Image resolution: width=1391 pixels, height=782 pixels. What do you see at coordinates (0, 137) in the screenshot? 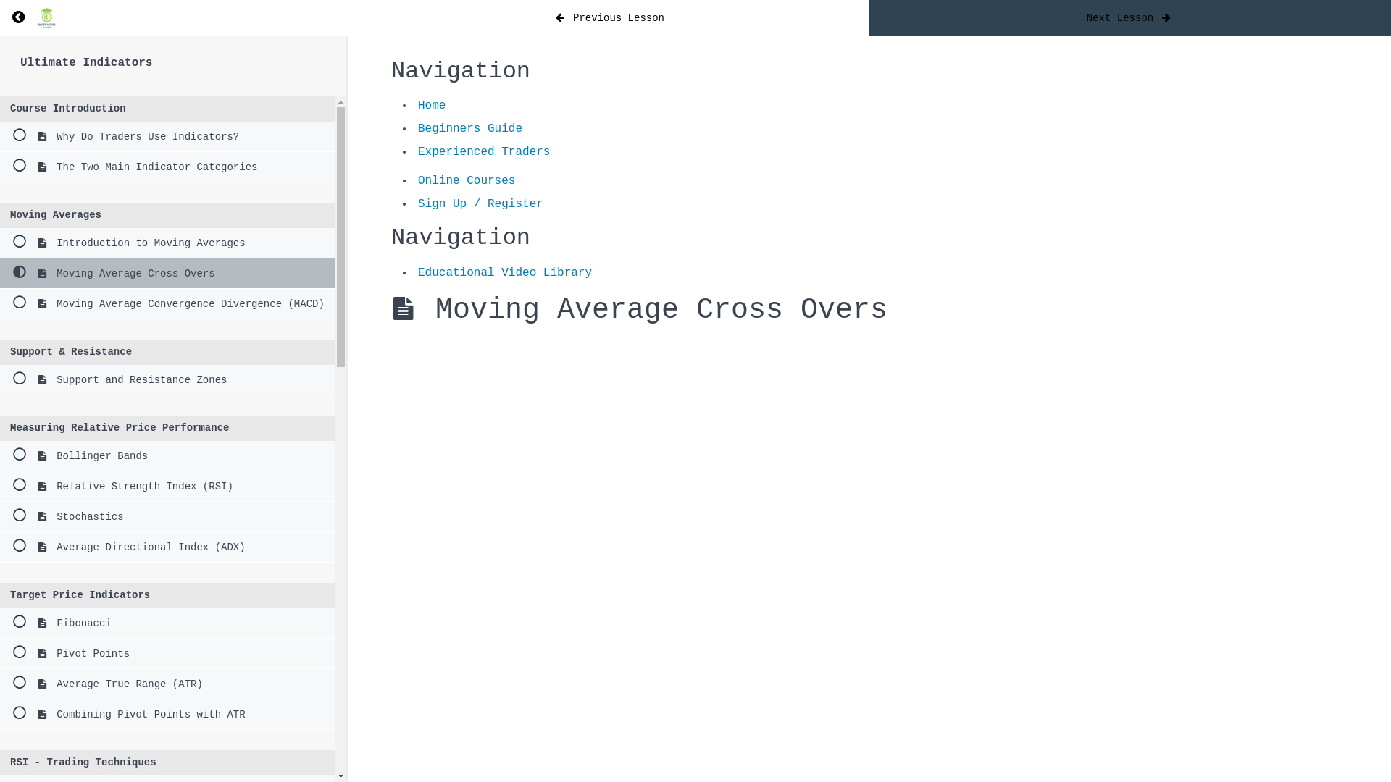
I see `'Why Do Traders Use Indicators?'` at bounding box center [0, 137].